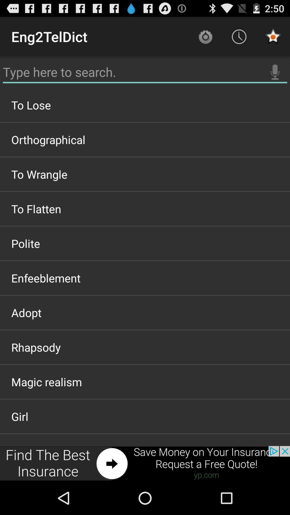 Image resolution: width=290 pixels, height=515 pixels. What do you see at coordinates (145, 174) in the screenshot?
I see `the icon below the orthographical icon` at bounding box center [145, 174].